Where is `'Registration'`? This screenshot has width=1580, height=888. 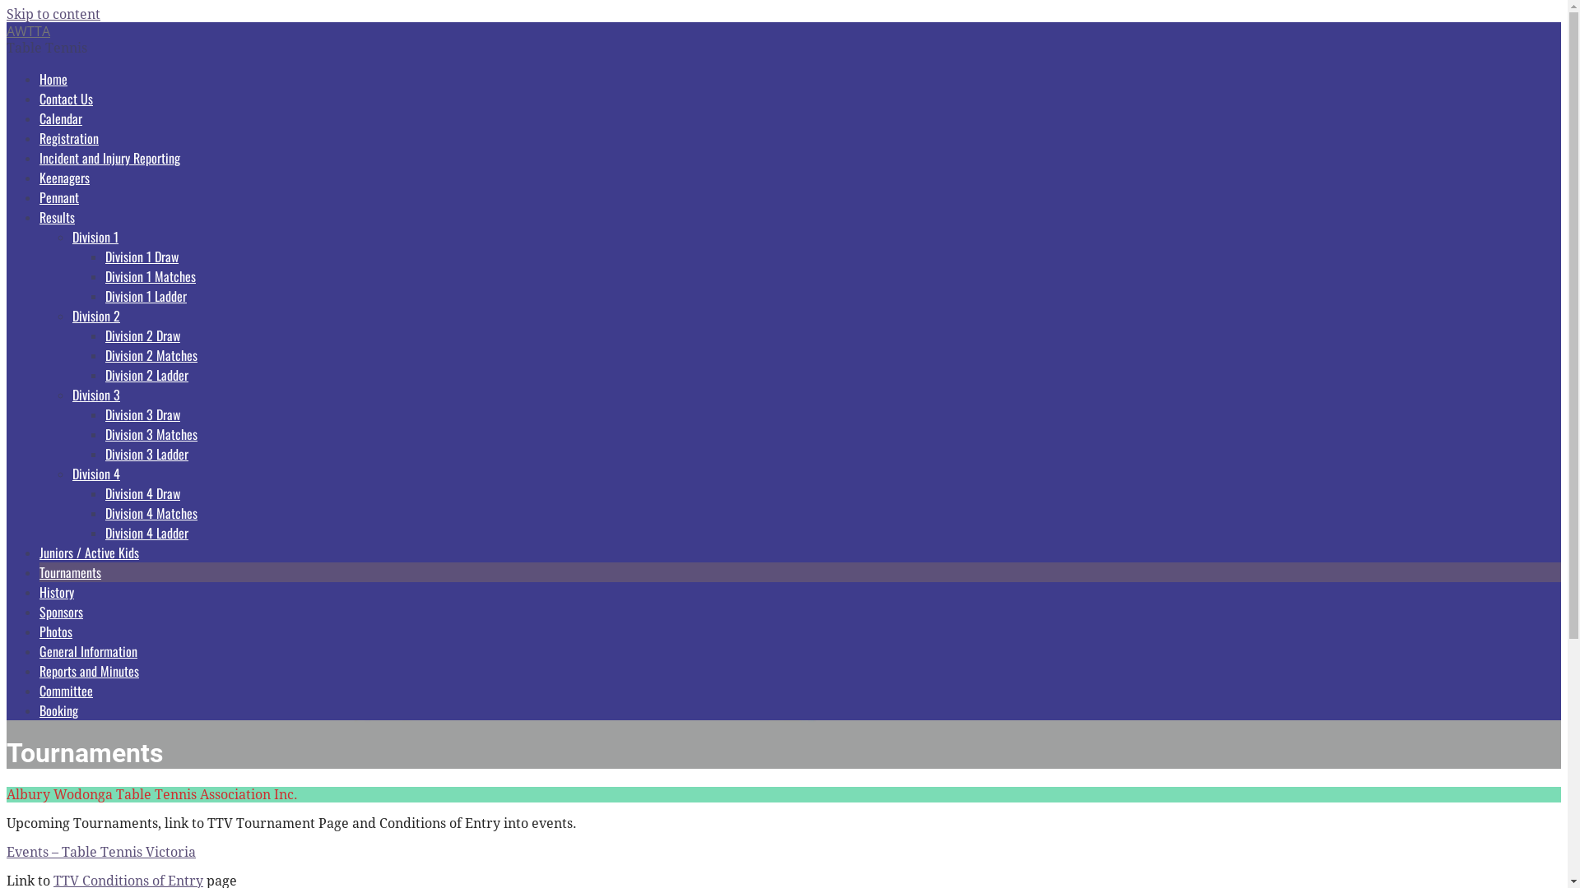 'Registration' is located at coordinates (67, 137).